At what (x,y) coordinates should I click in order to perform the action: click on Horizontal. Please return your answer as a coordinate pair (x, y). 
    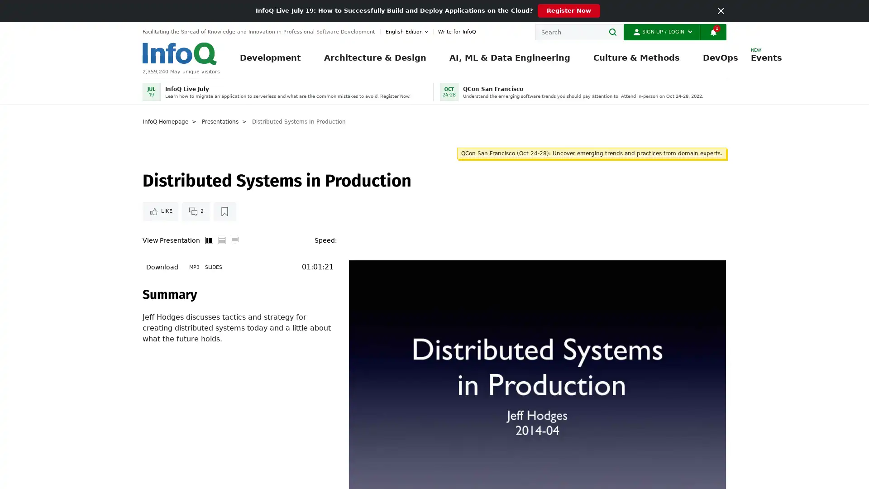
    Looking at the image, I should click on (221, 252).